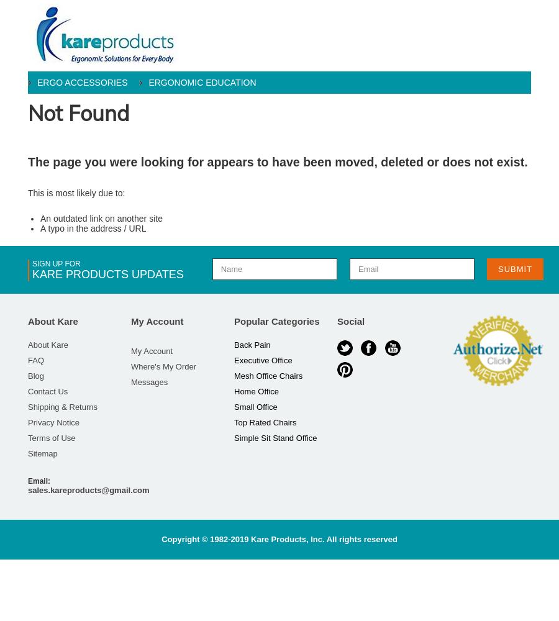 The height and width of the screenshot is (621, 559). I want to click on 'Email:', so click(39, 481).